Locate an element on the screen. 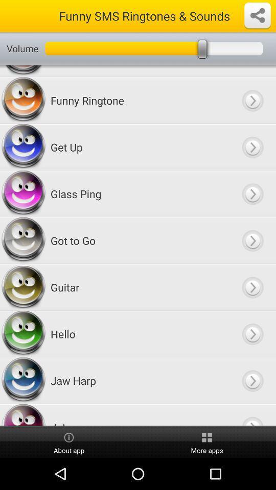  next is located at coordinates (252, 101).